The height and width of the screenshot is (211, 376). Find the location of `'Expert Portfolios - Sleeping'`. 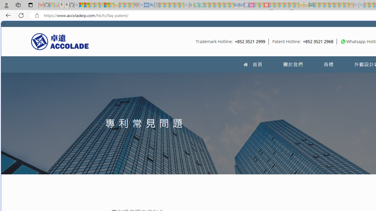

'Expert Portfolios - Sleeping' is located at coordinates (331, 5).